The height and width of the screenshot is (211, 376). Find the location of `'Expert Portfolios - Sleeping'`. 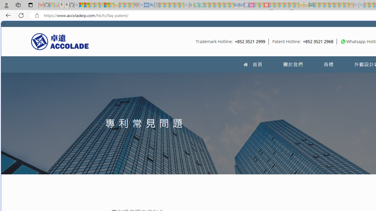

'Expert Portfolios - Sleeping' is located at coordinates (331, 5).